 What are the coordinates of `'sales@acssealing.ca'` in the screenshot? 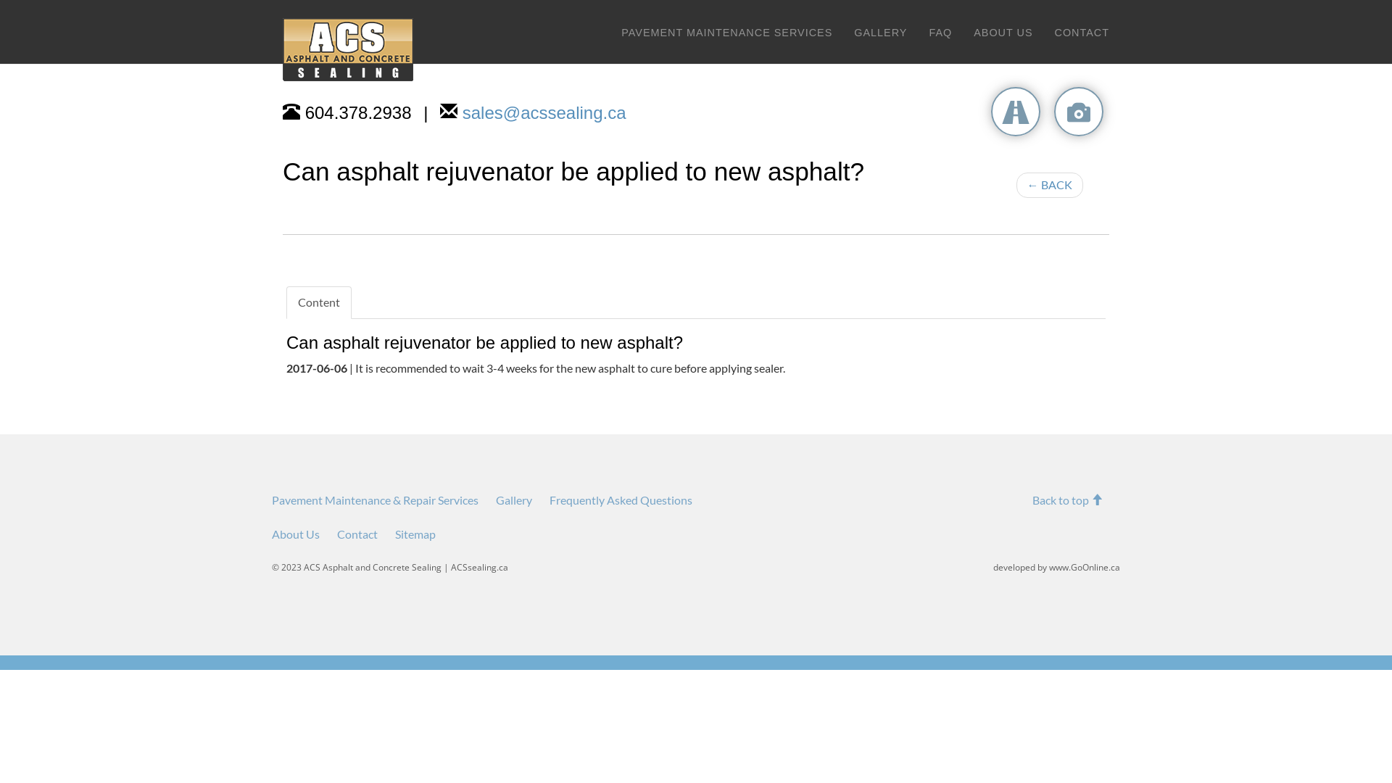 It's located at (543, 112).